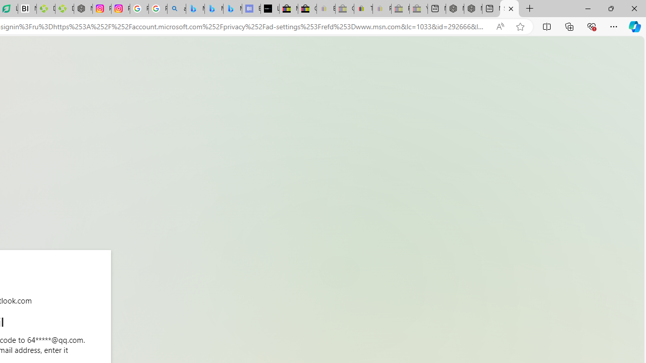 The image size is (646, 363). Describe the element at coordinates (177, 9) in the screenshot. I see `'alabama high school quarterback dies - Search'` at that location.